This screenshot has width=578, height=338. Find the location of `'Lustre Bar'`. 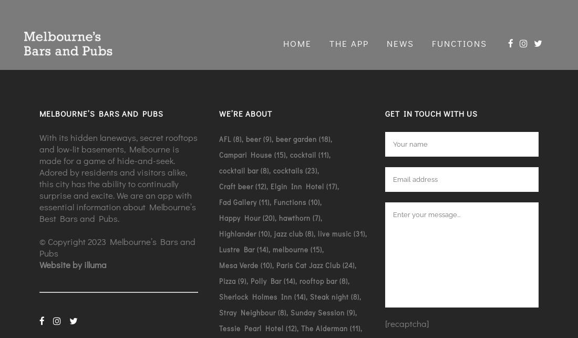

'Lustre Bar' is located at coordinates (236, 248).